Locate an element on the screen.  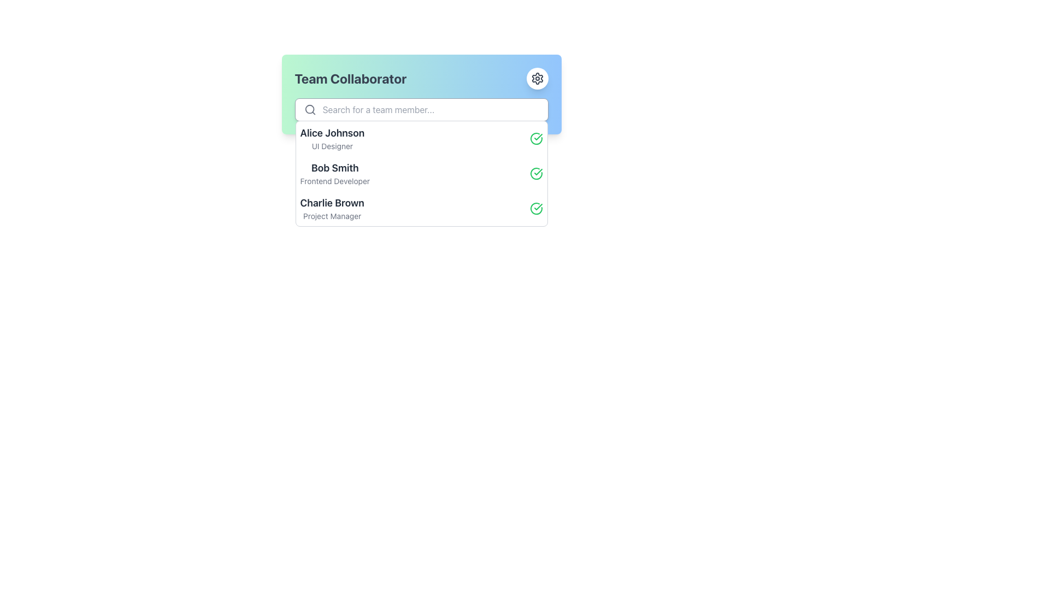
the text input field located below the 'Team Collaborator' header to focus on it for typing a search for a specific team member is located at coordinates (421, 109).